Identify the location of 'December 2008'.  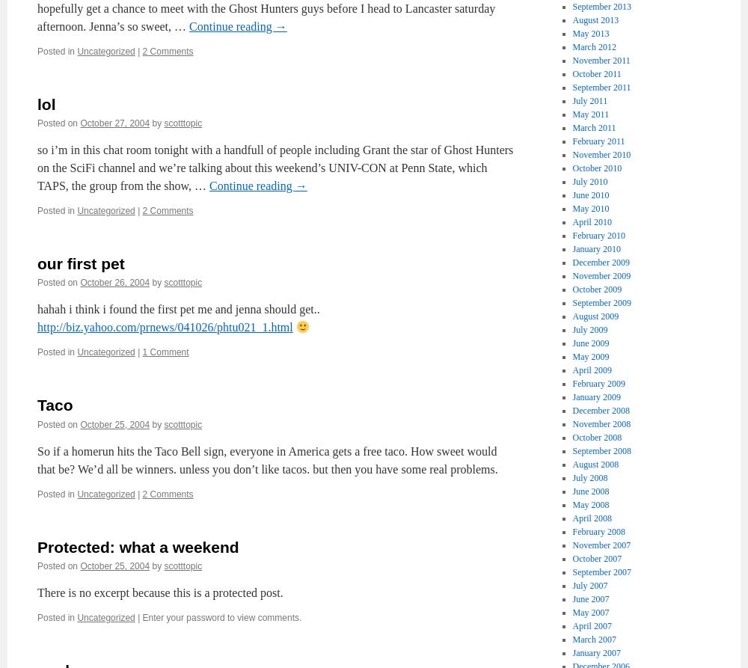
(601, 409).